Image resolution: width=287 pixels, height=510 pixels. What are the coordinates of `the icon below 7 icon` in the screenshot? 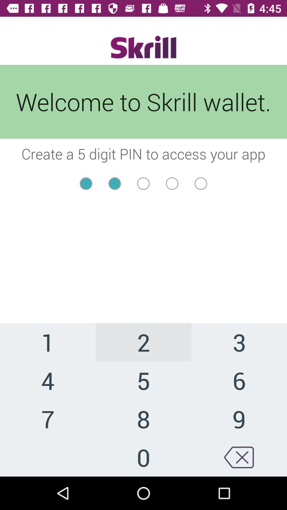 It's located at (143, 457).